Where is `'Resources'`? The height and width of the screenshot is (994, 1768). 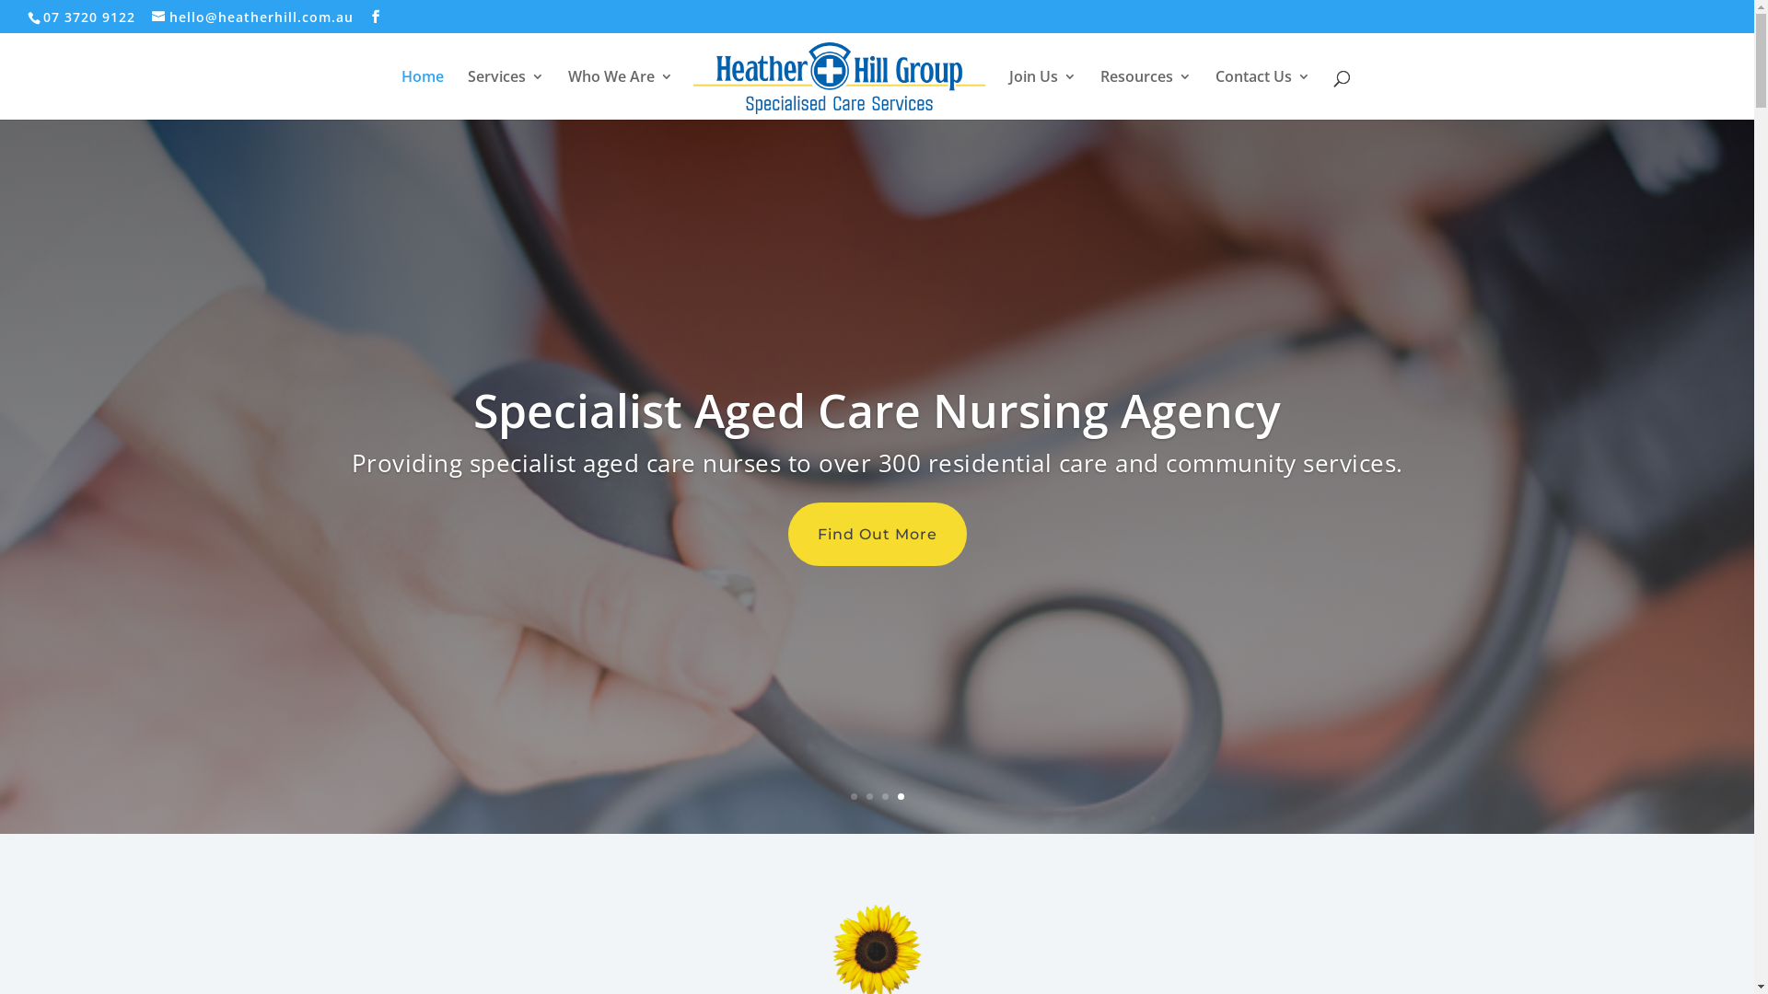
'Resources' is located at coordinates (1145, 95).